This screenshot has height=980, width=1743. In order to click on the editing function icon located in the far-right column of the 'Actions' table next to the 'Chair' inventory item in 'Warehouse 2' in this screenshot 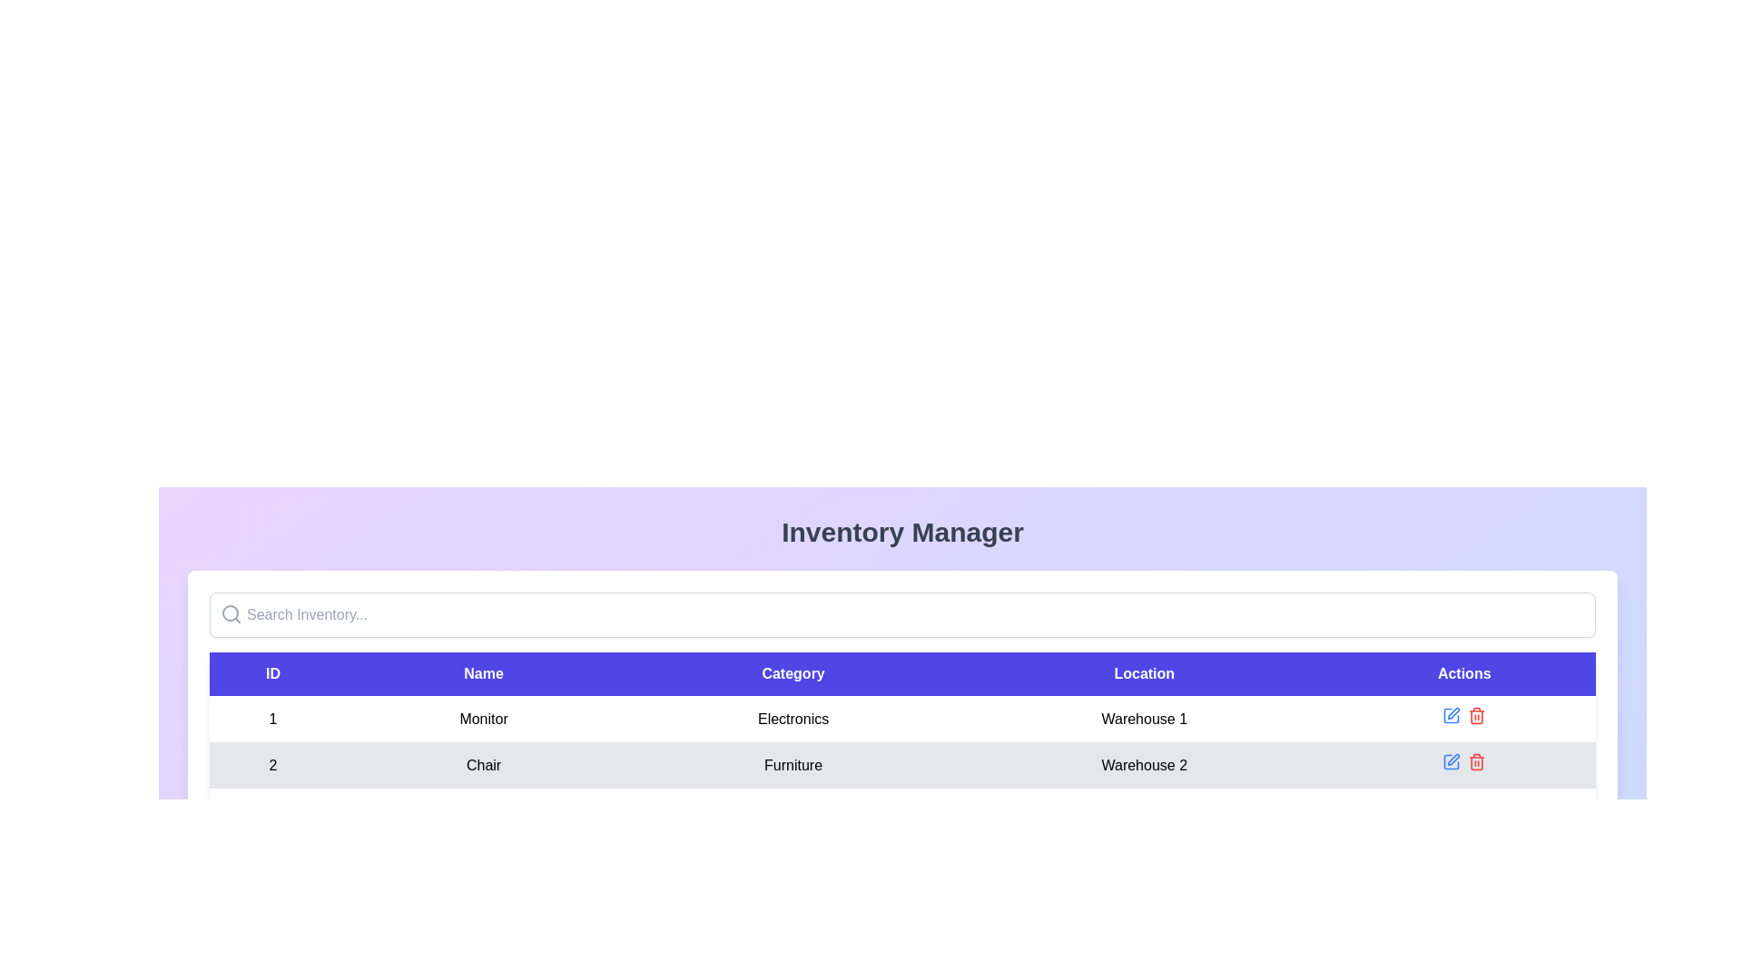, I will do `click(1451, 715)`.